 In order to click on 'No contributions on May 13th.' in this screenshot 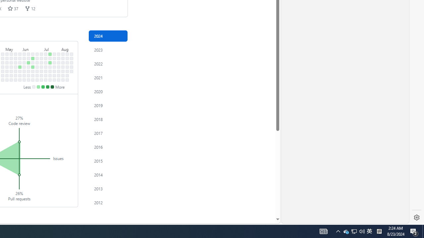, I will do `click(11, 58)`.